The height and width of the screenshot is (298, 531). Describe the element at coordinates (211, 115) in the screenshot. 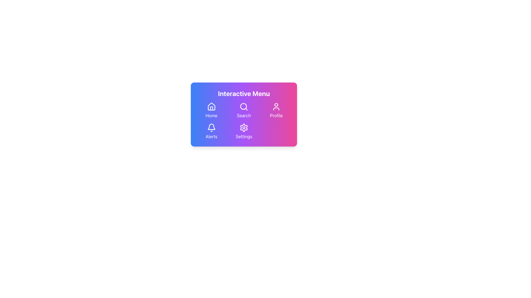

I see `the 'Home' text label in the interactive menu panel, located under the 'Home' icon` at that location.